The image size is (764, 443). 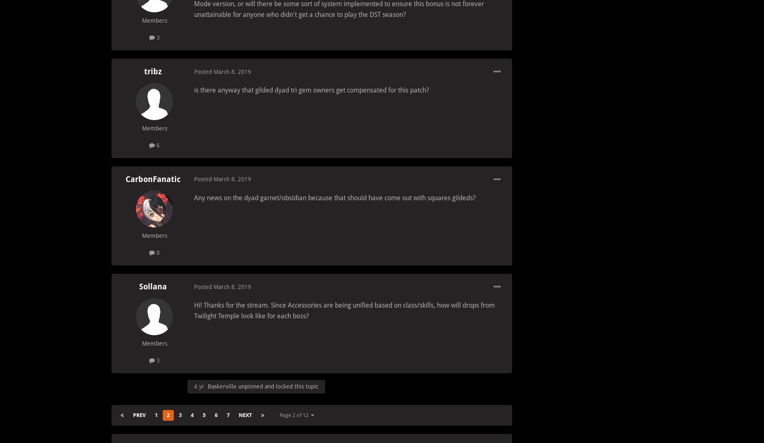 I want to click on 'unpinned and locked this topic', so click(x=277, y=386).